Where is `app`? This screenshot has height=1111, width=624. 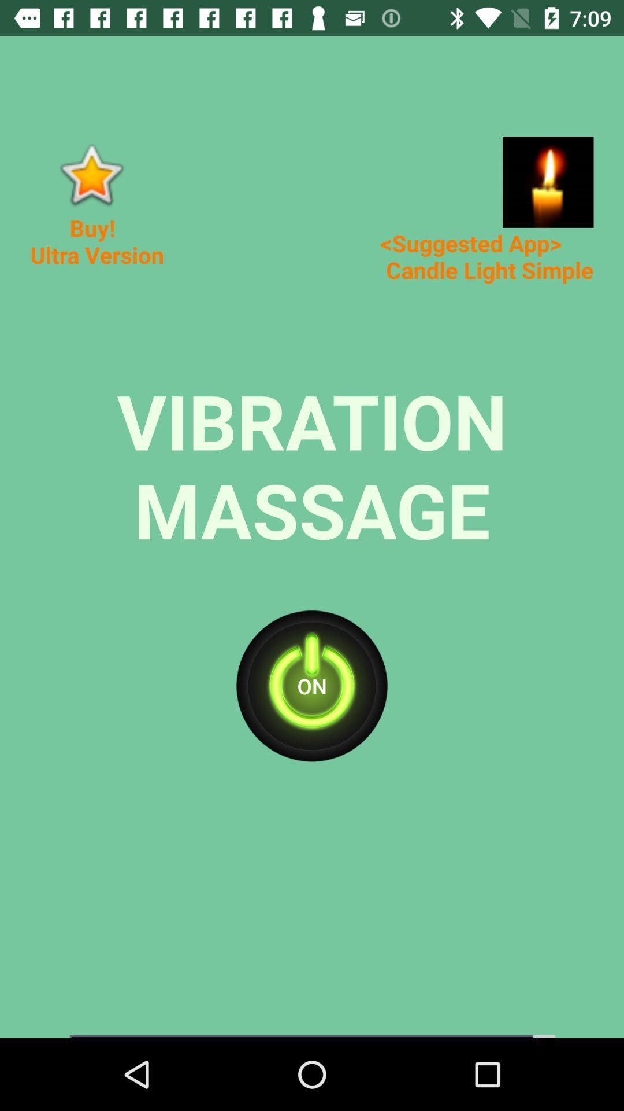
app is located at coordinates (547, 182).